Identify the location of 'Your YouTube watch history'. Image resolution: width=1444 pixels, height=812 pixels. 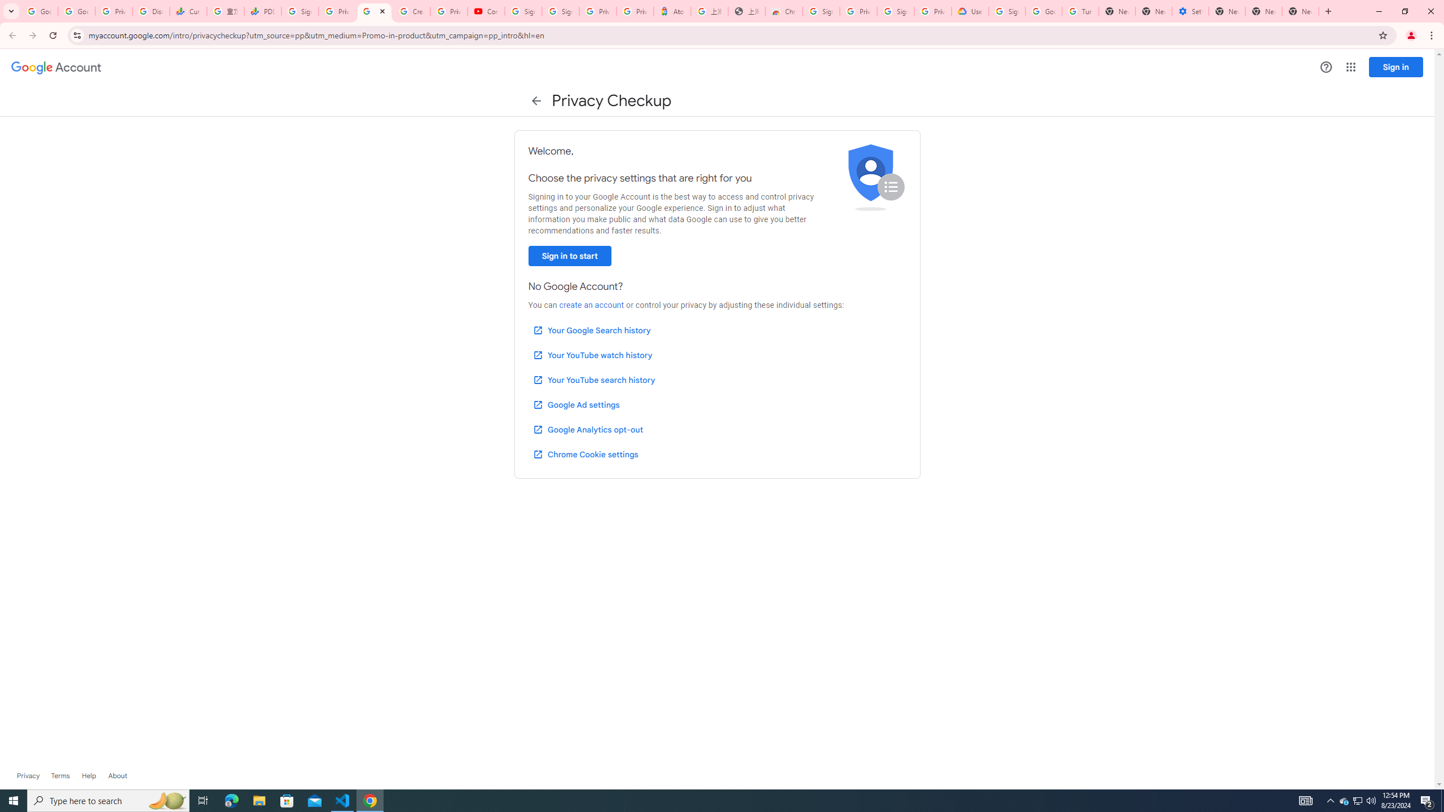
(592, 355).